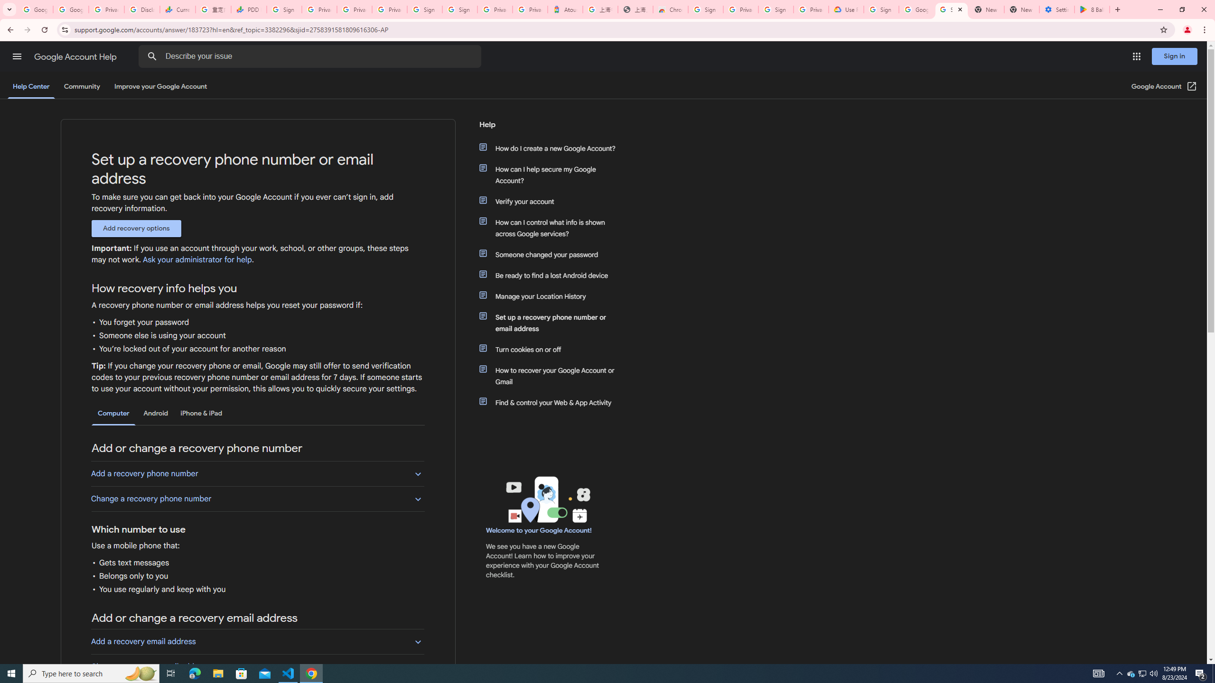 This screenshot has height=683, width=1215. Describe the element at coordinates (546, 499) in the screenshot. I see `'Learning Center home page image'` at that location.